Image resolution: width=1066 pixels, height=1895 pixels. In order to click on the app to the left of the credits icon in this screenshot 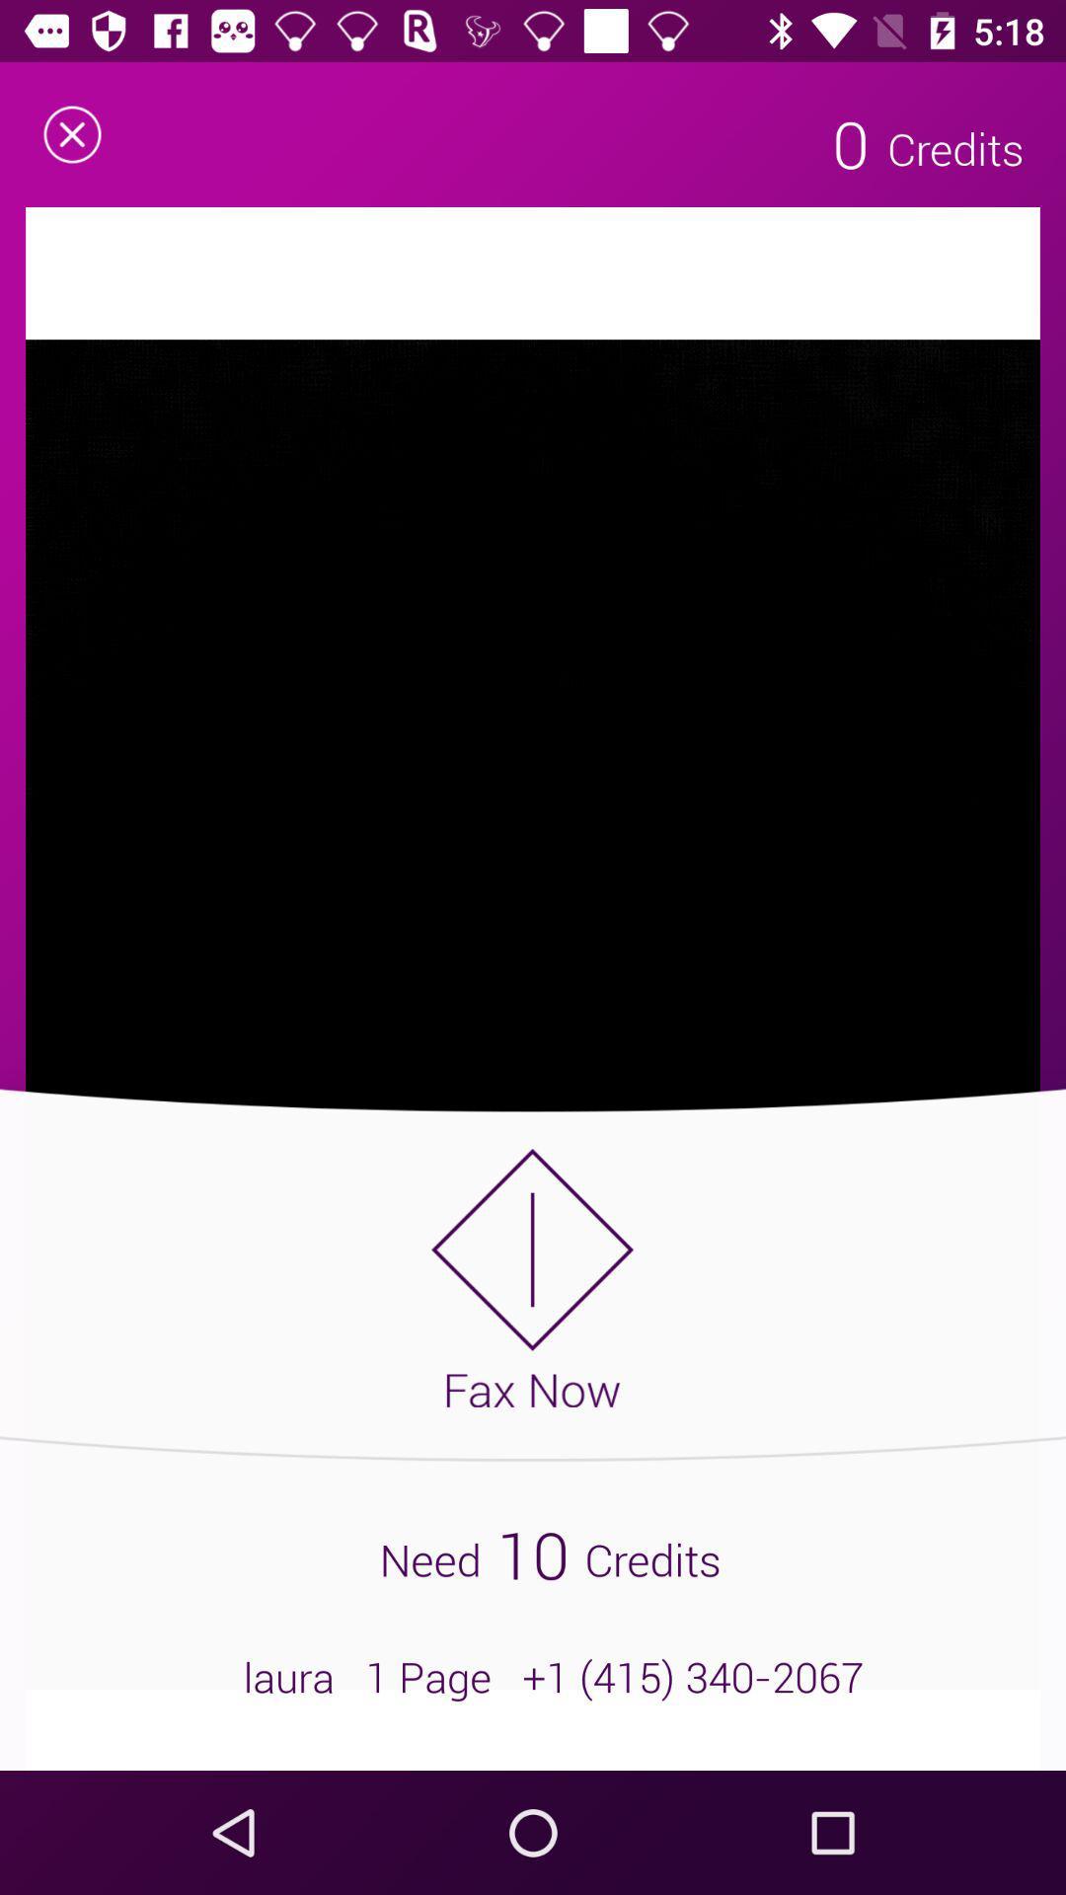, I will do `click(850, 142)`.